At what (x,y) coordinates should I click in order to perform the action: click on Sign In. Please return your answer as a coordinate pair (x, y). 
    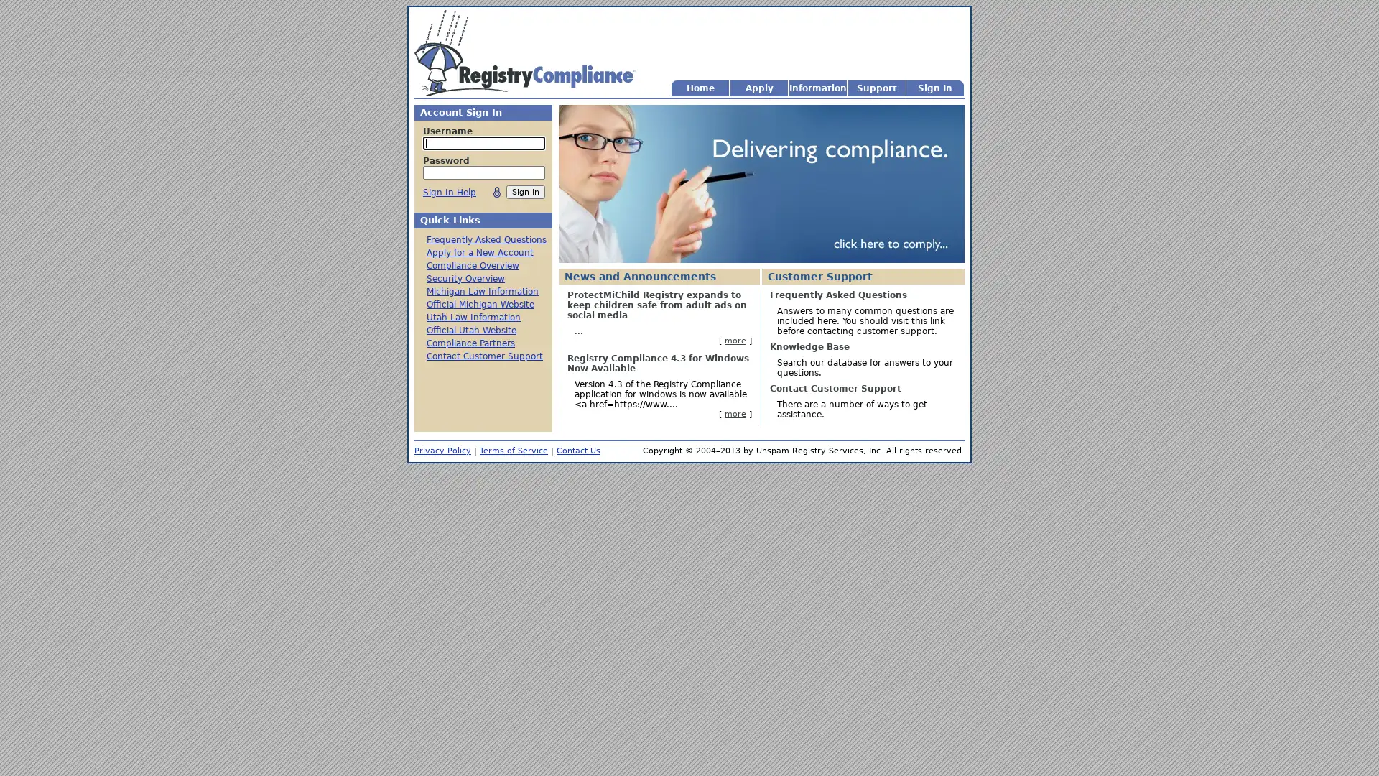
    Looking at the image, I should click on (524, 191).